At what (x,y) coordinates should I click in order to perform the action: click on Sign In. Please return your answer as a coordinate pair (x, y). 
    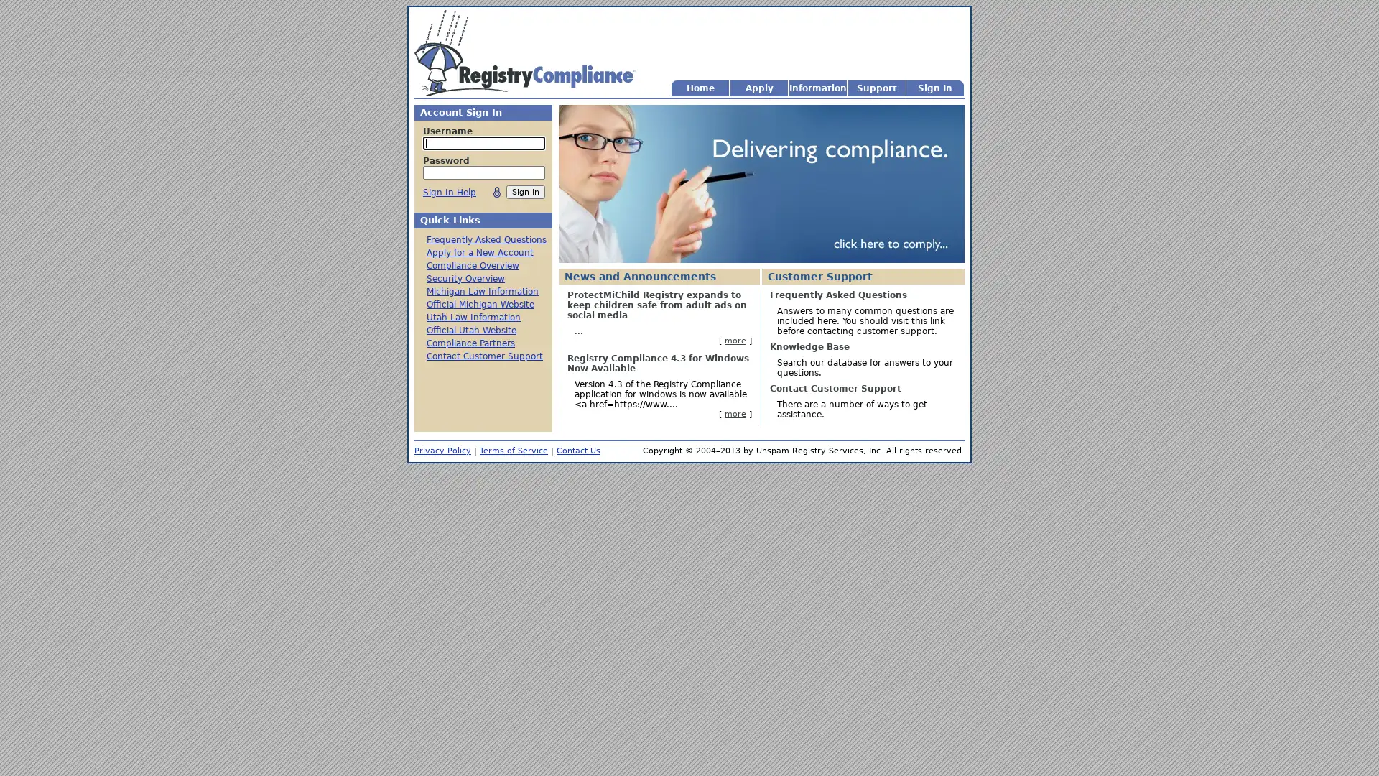
    Looking at the image, I should click on (524, 191).